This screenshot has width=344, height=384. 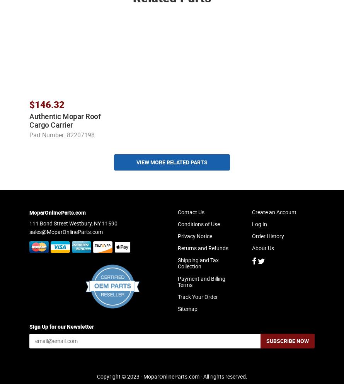 I want to click on 'Create an Account', so click(x=274, y=218).